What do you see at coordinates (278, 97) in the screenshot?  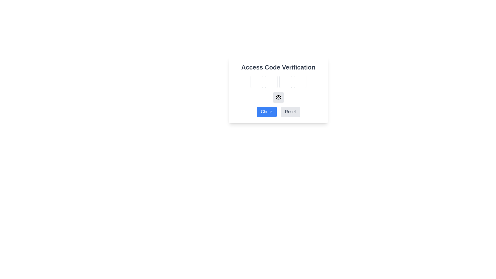 I see `the interactive button located directly below the input fields for the access code in the centered access verification UI` at bounding box center [278, 97].